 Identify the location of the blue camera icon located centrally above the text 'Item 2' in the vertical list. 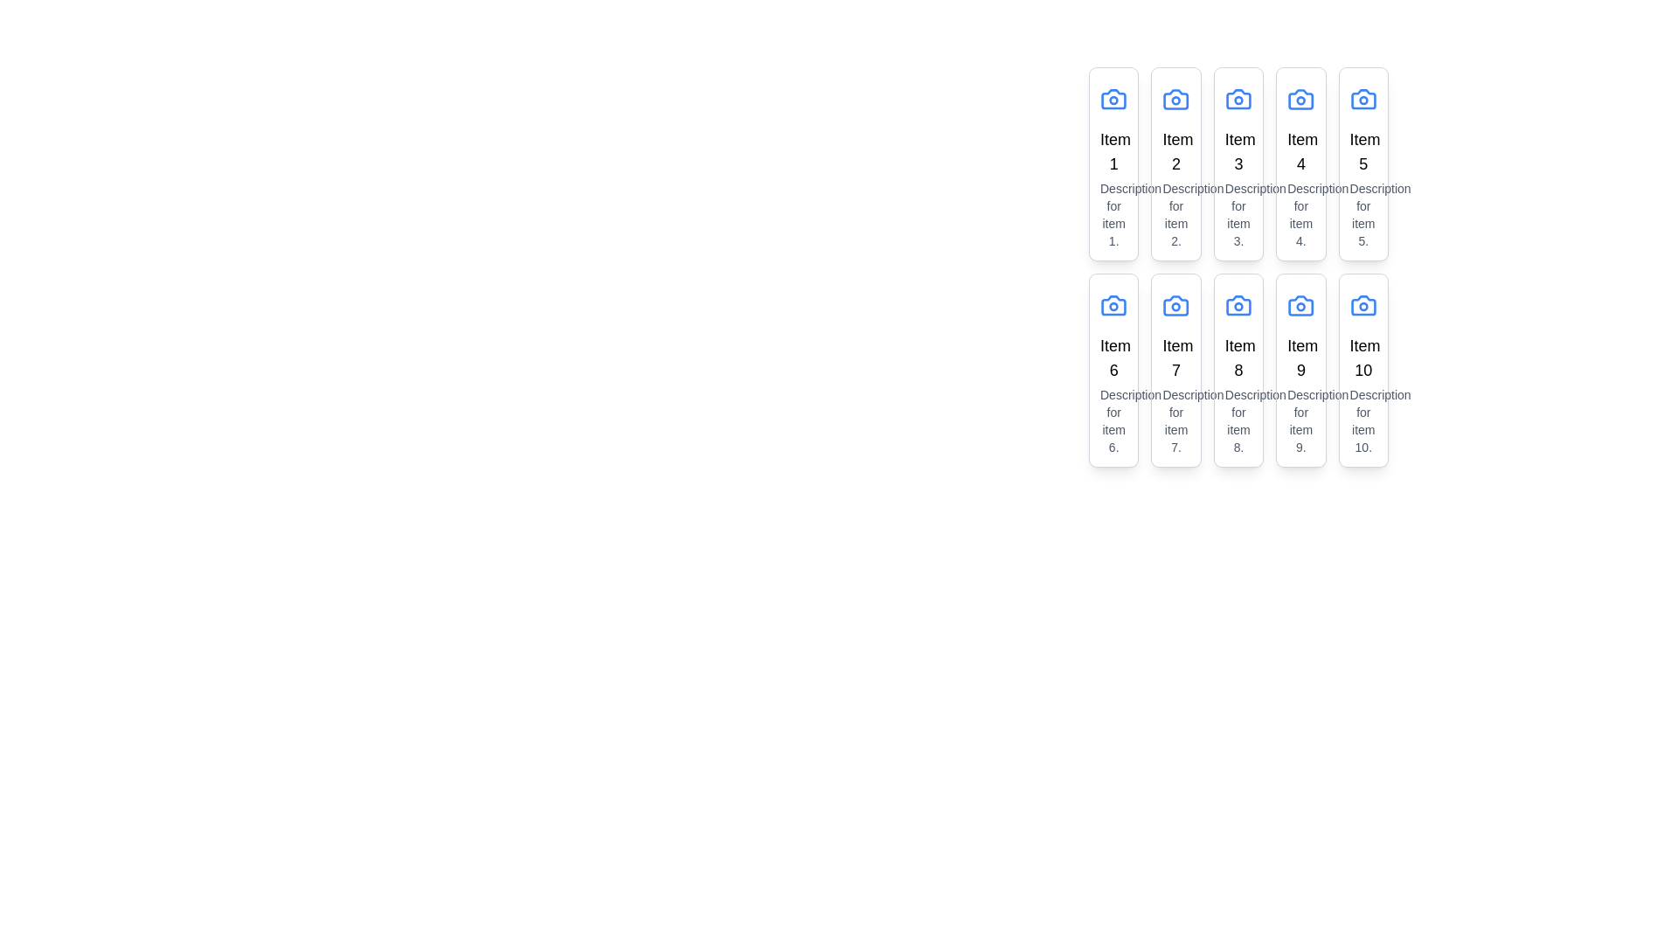
(1176, 100).